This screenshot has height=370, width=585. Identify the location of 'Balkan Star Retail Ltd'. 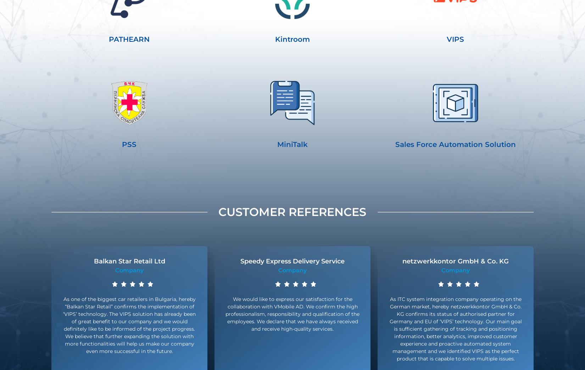
(129, 261).